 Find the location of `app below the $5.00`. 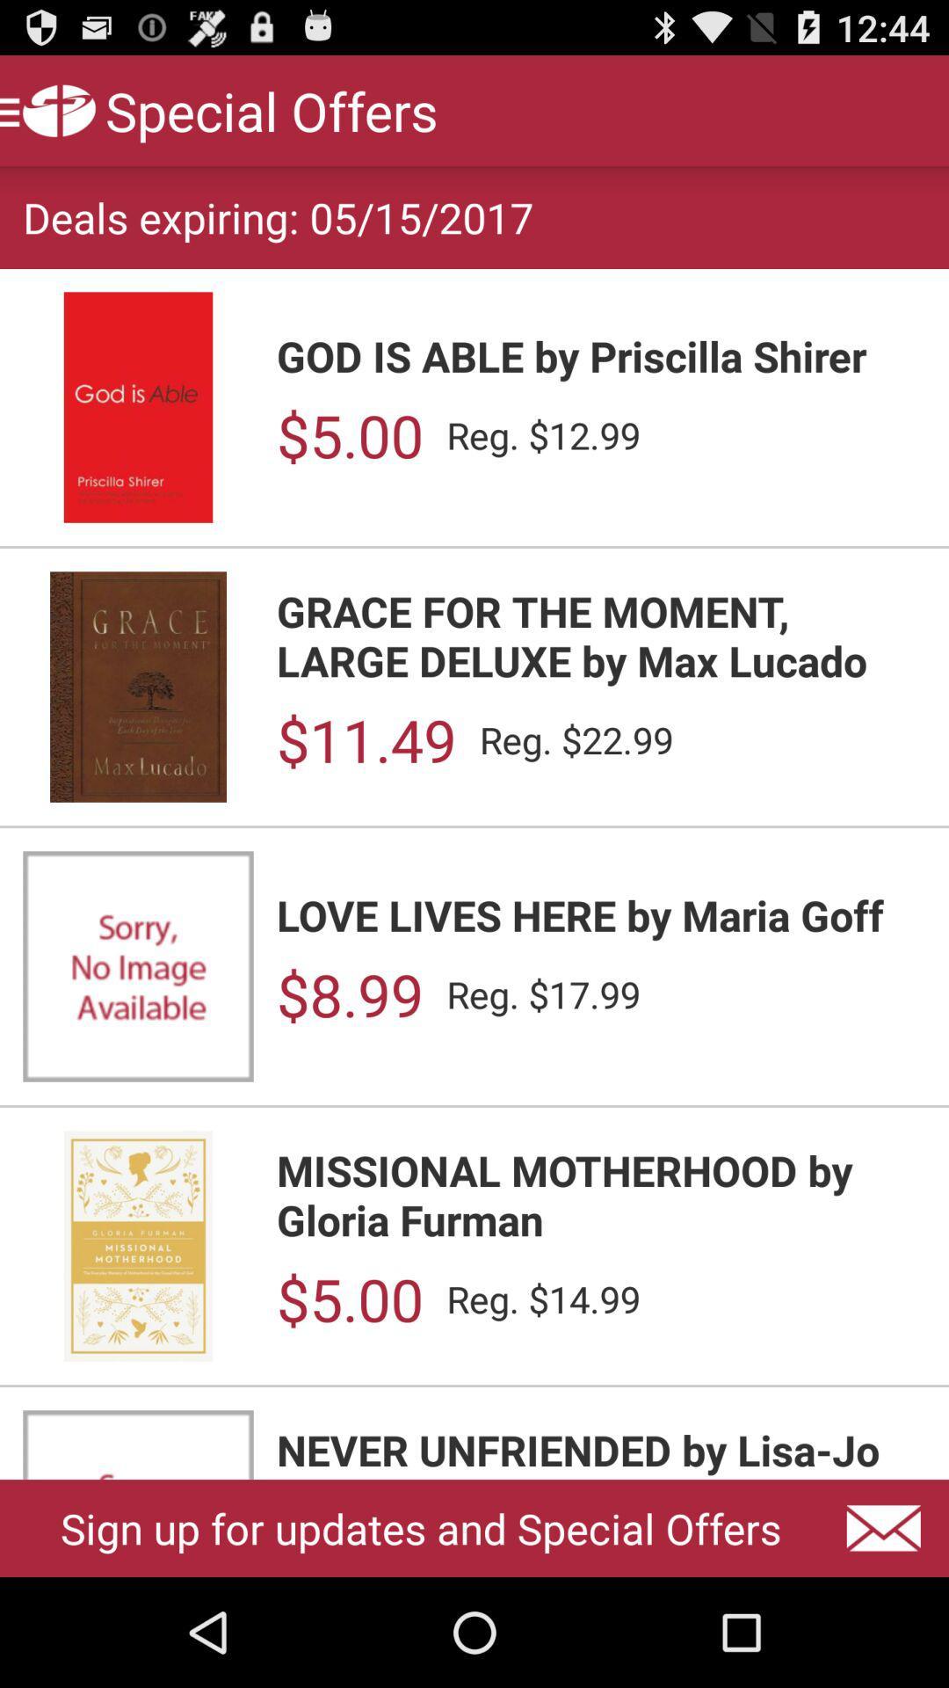

app below the $5.00 is located at coordinates (600, 1451).